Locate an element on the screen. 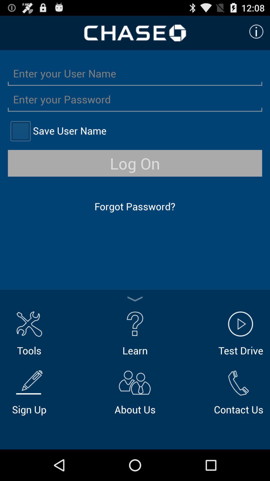 The height and width of the screenshot is (481, 270). type user name is located at coordinates (135, 73).